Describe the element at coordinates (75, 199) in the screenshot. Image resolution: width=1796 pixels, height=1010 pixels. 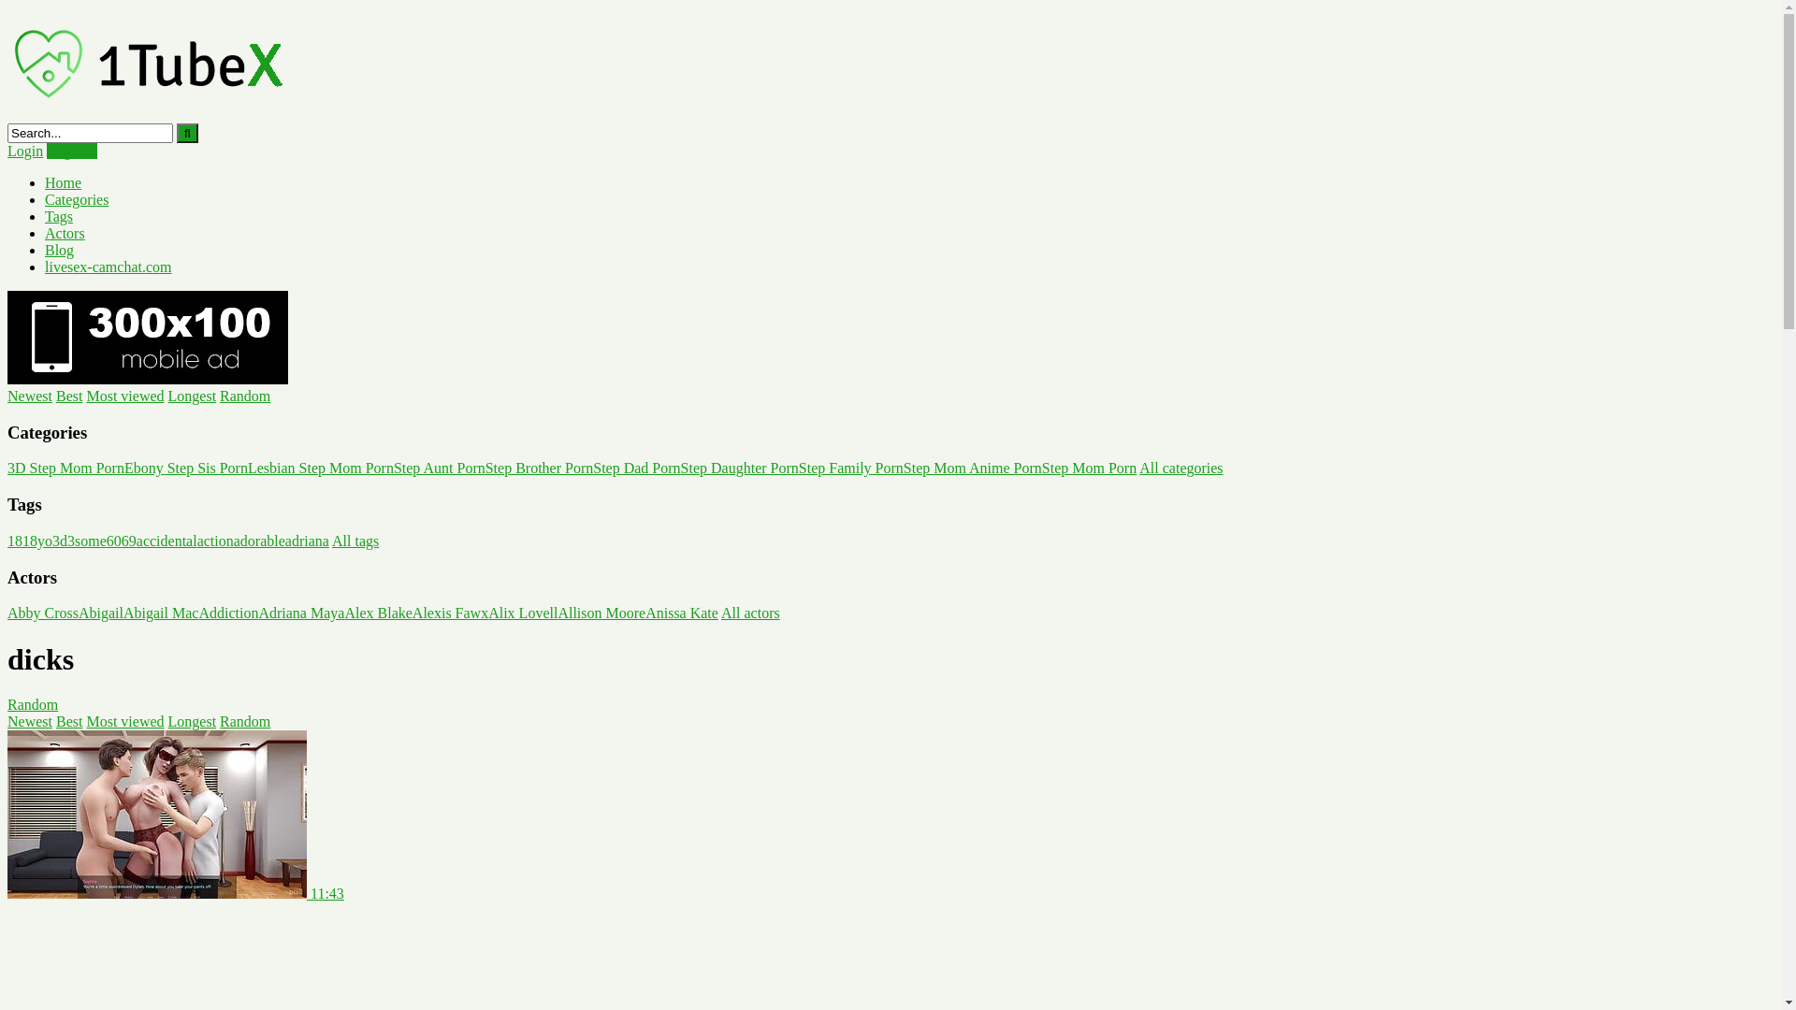
I see `'Categories'` at that location.